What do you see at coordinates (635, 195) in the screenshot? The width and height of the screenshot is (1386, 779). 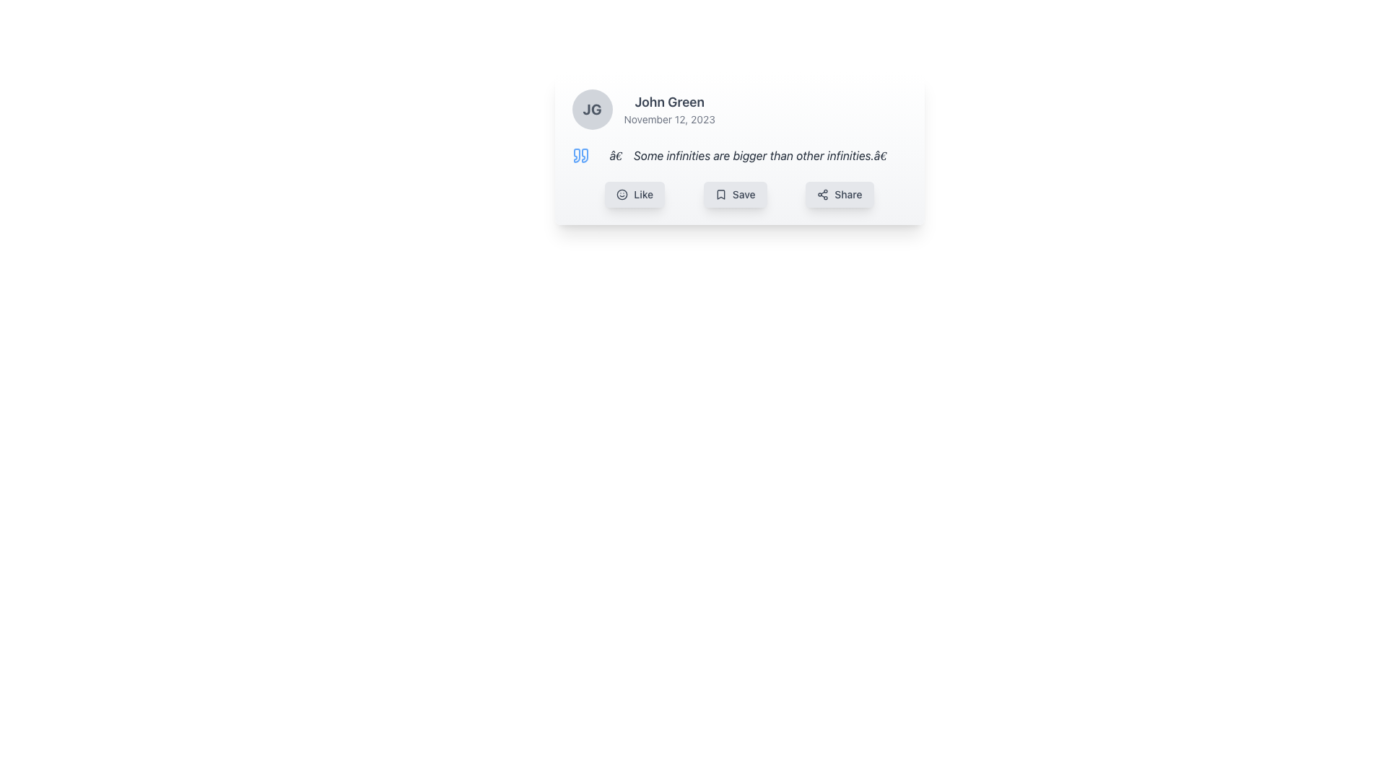 I see `the 'Like' button, which is a rectangular button with rounded corners, featuring a light gray background, darker gray text, and a smiling face icon on the left` at bounding box center [635, 195].